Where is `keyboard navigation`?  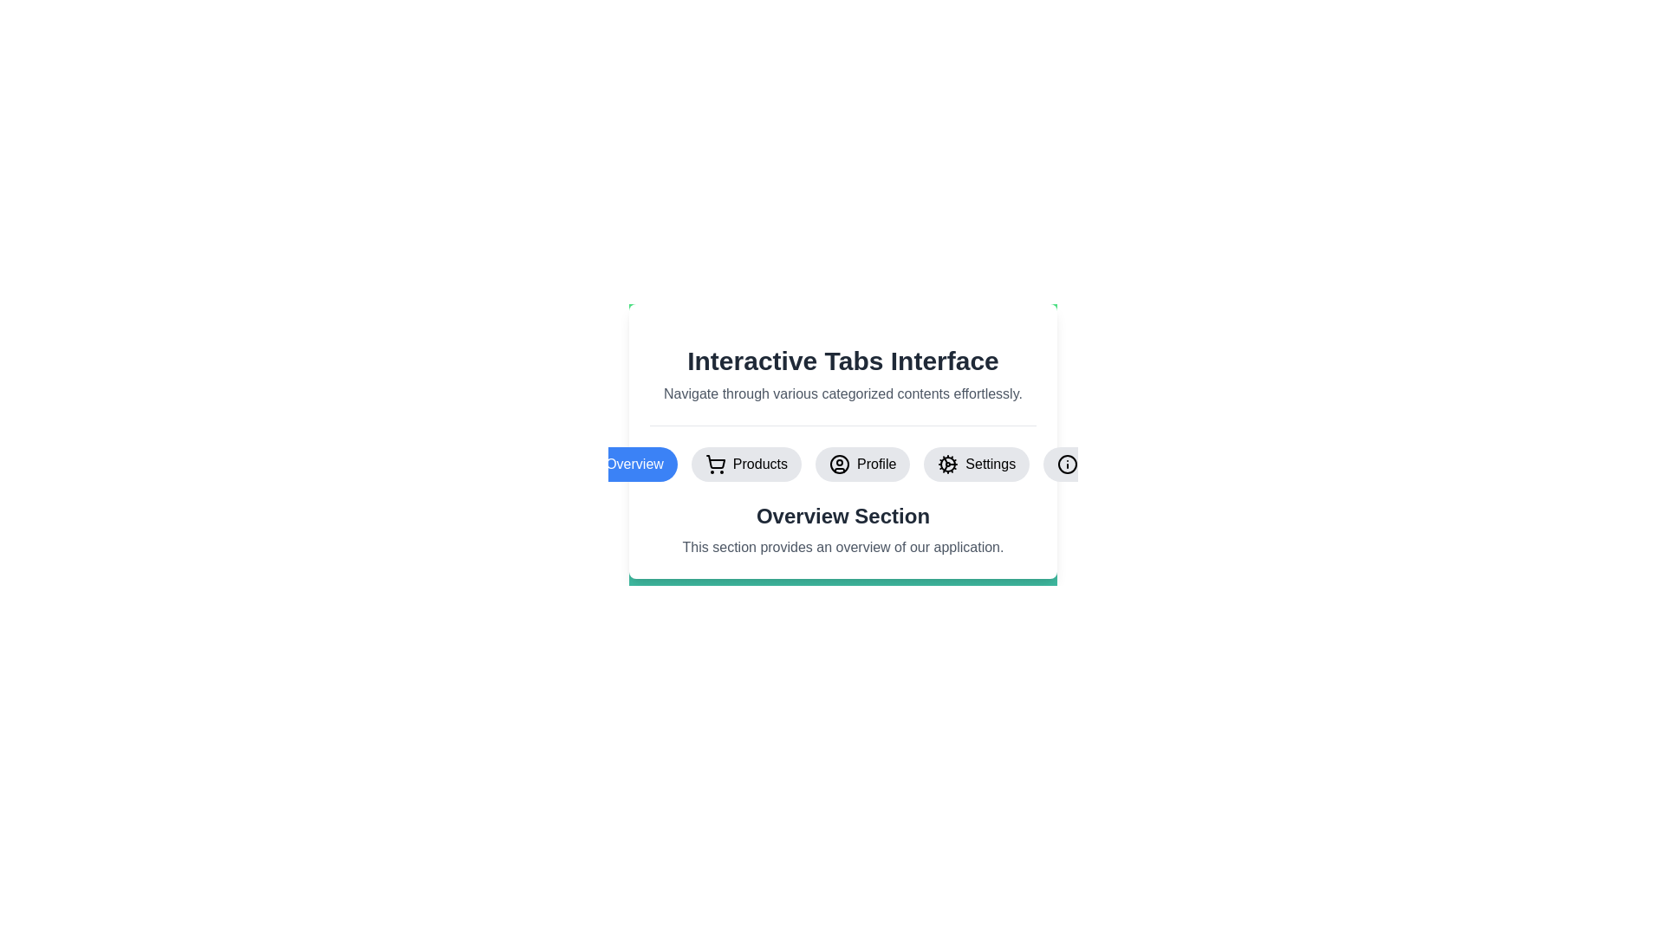
keyboard navigation is located at coordinates (840, 464).